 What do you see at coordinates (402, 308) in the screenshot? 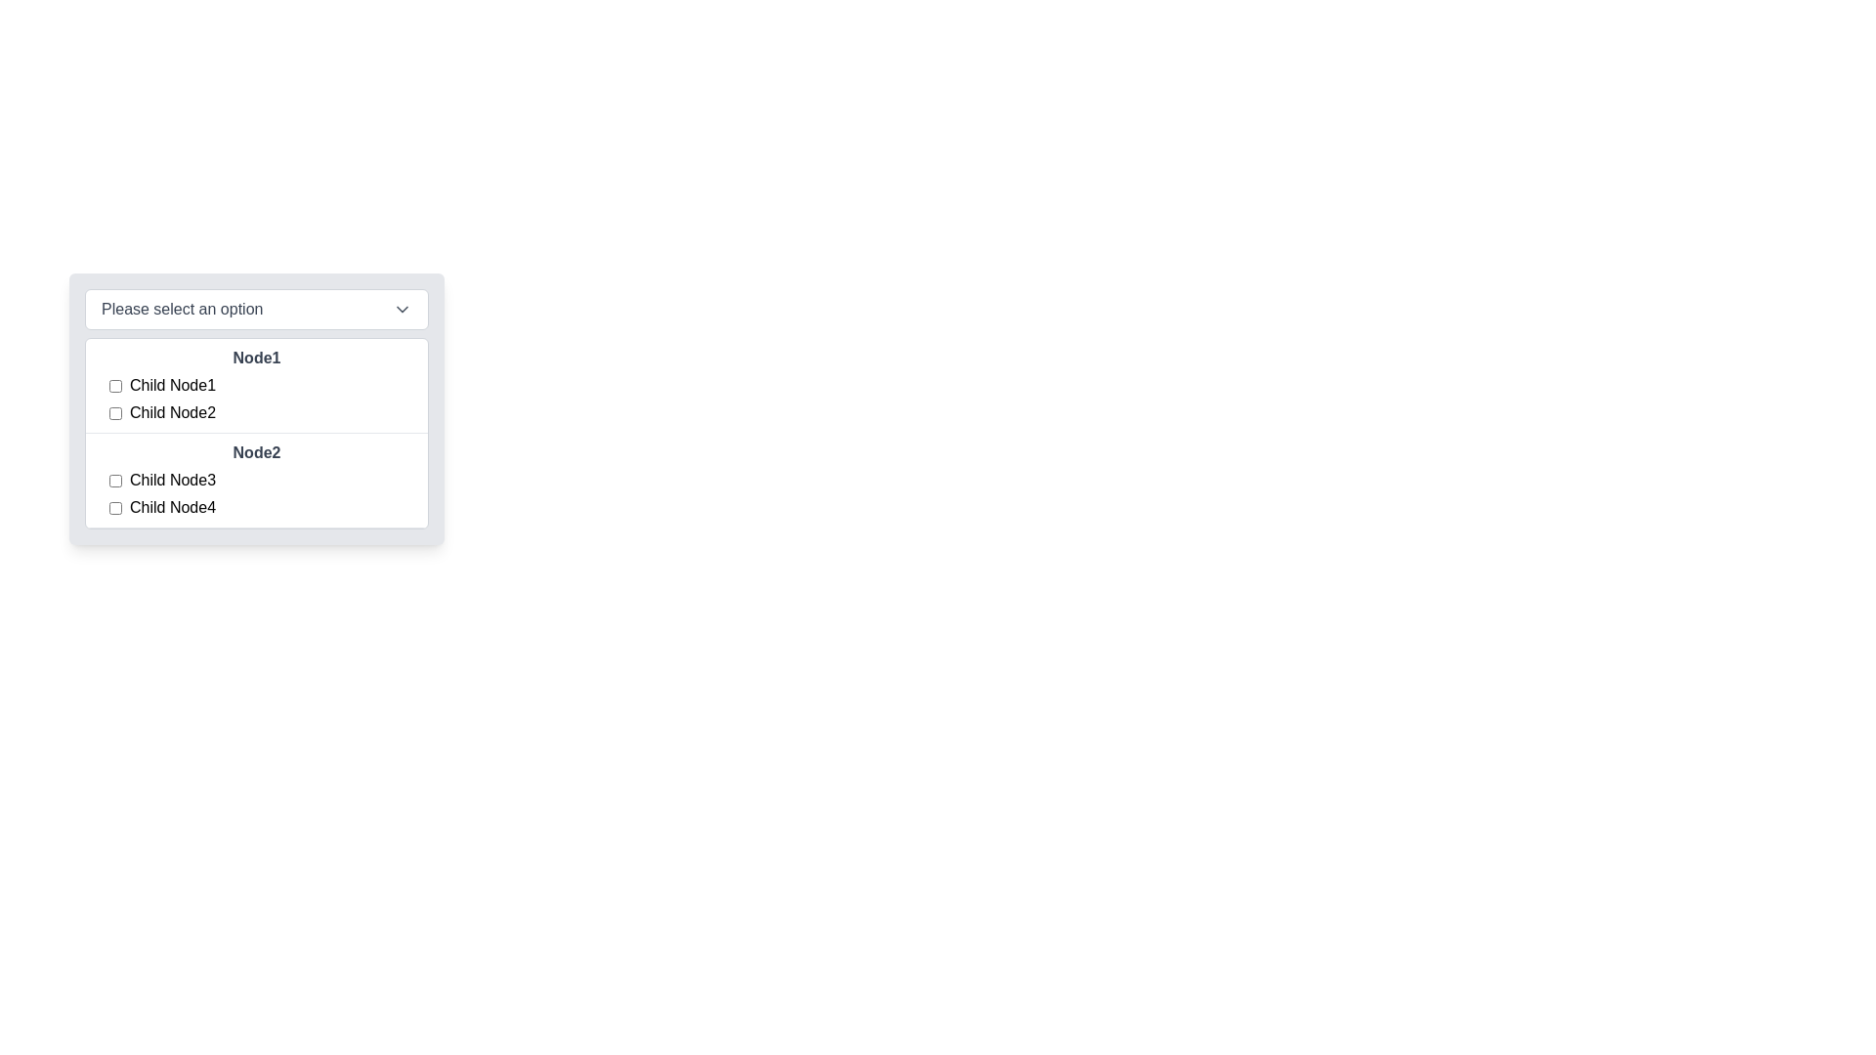
I see `the small, downward-pointing chevron arrow icon located at the far right of the 'Please select an option' dropdown component` at bounding box center [402, 308].